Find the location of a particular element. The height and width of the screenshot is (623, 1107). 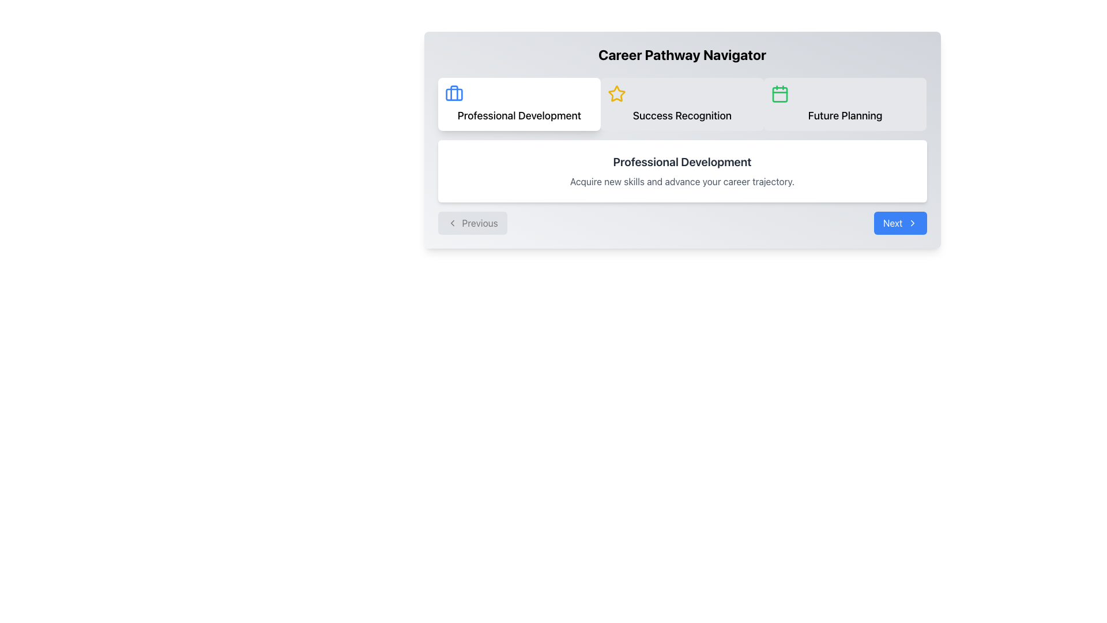

the 'Future Planning' button, which is the third and rightmost item in a horizontal group of three, positioned to the right of the 'Success Recognition' rectangle is located at coordinates (845, 104).